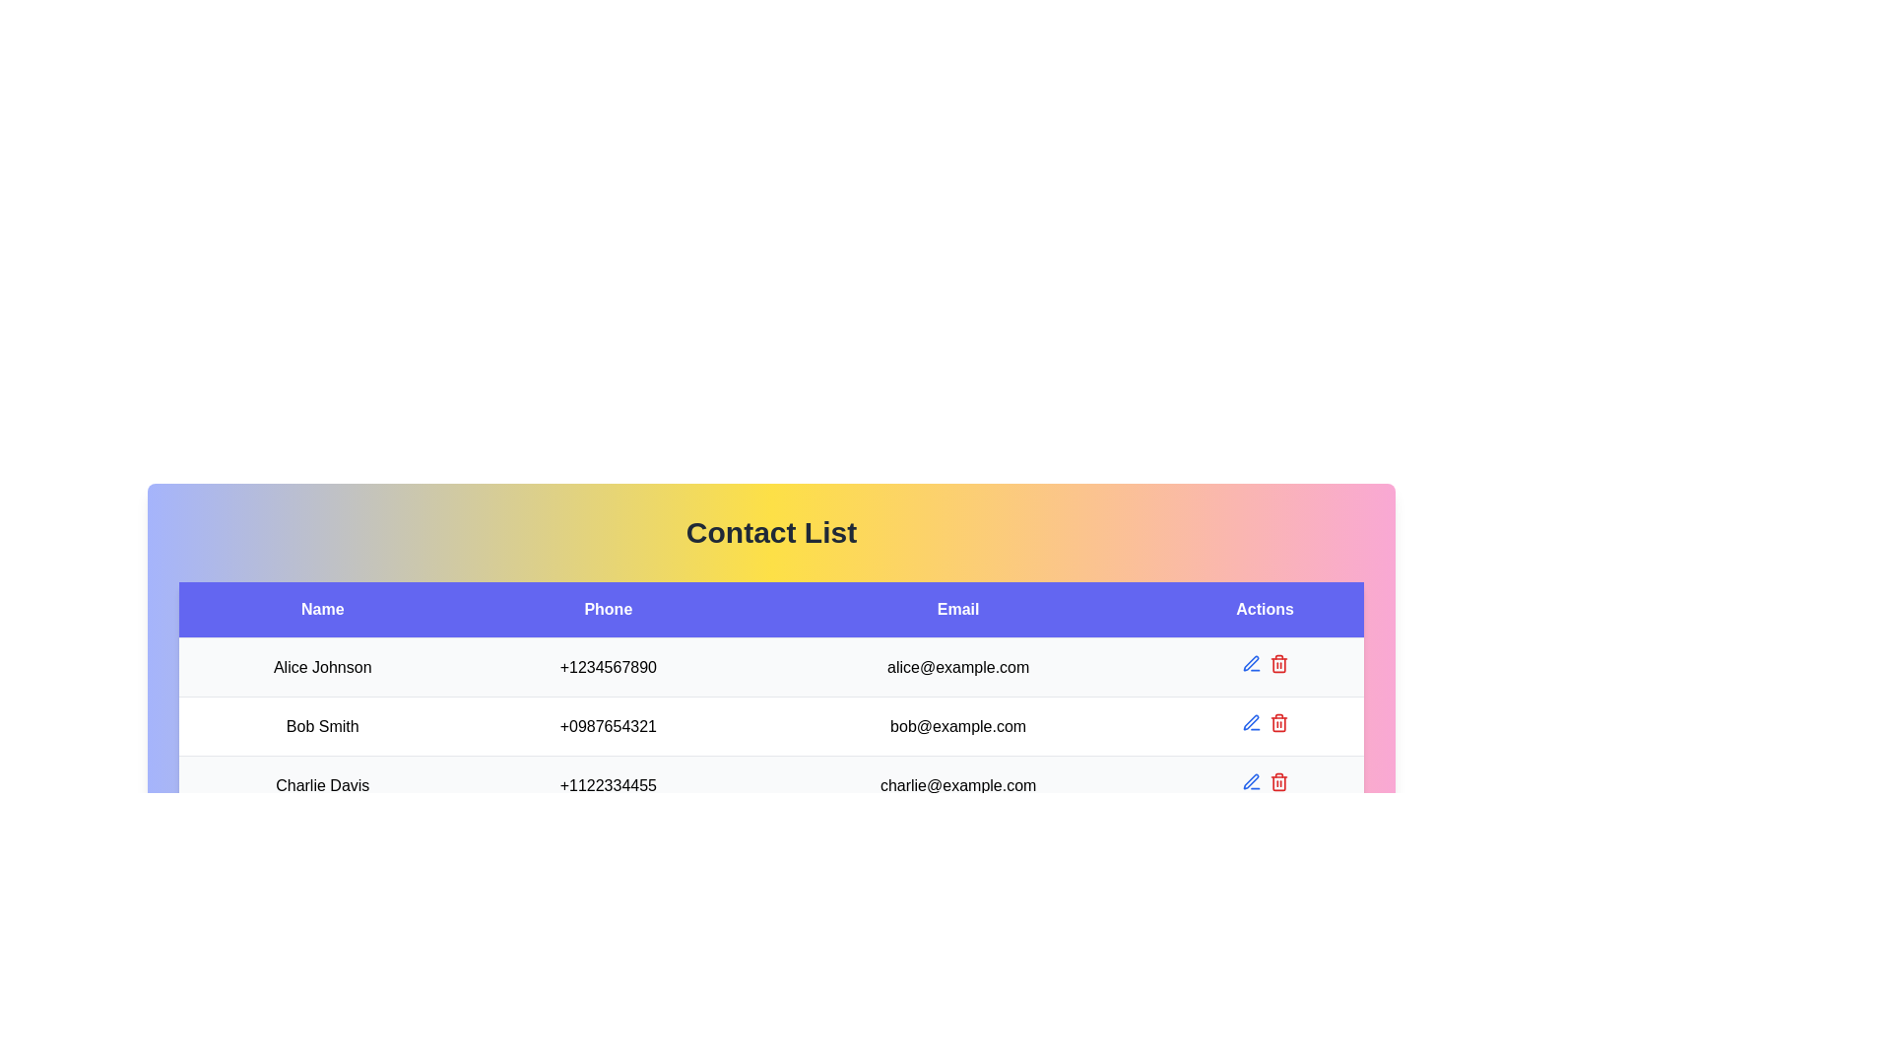 This screenshot has height=1064, width=1891. I want to click on the delete icon located in the 'Actions' column for the contact 'Alice Johnson', so click(1278, 664).